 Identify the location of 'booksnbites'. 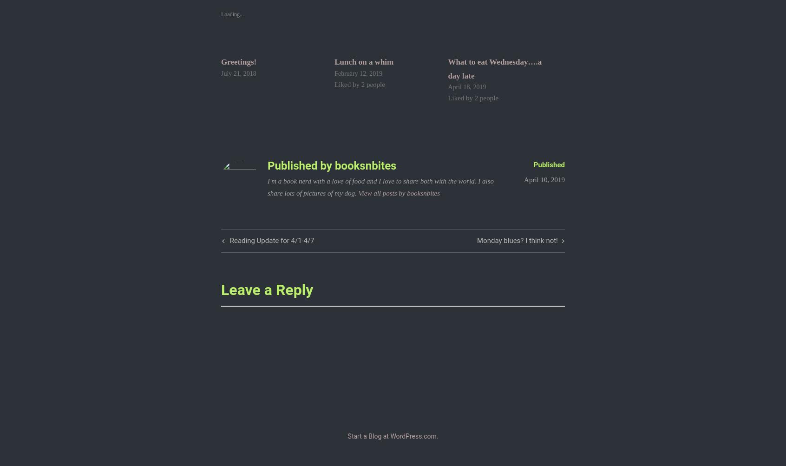
(365, 165).